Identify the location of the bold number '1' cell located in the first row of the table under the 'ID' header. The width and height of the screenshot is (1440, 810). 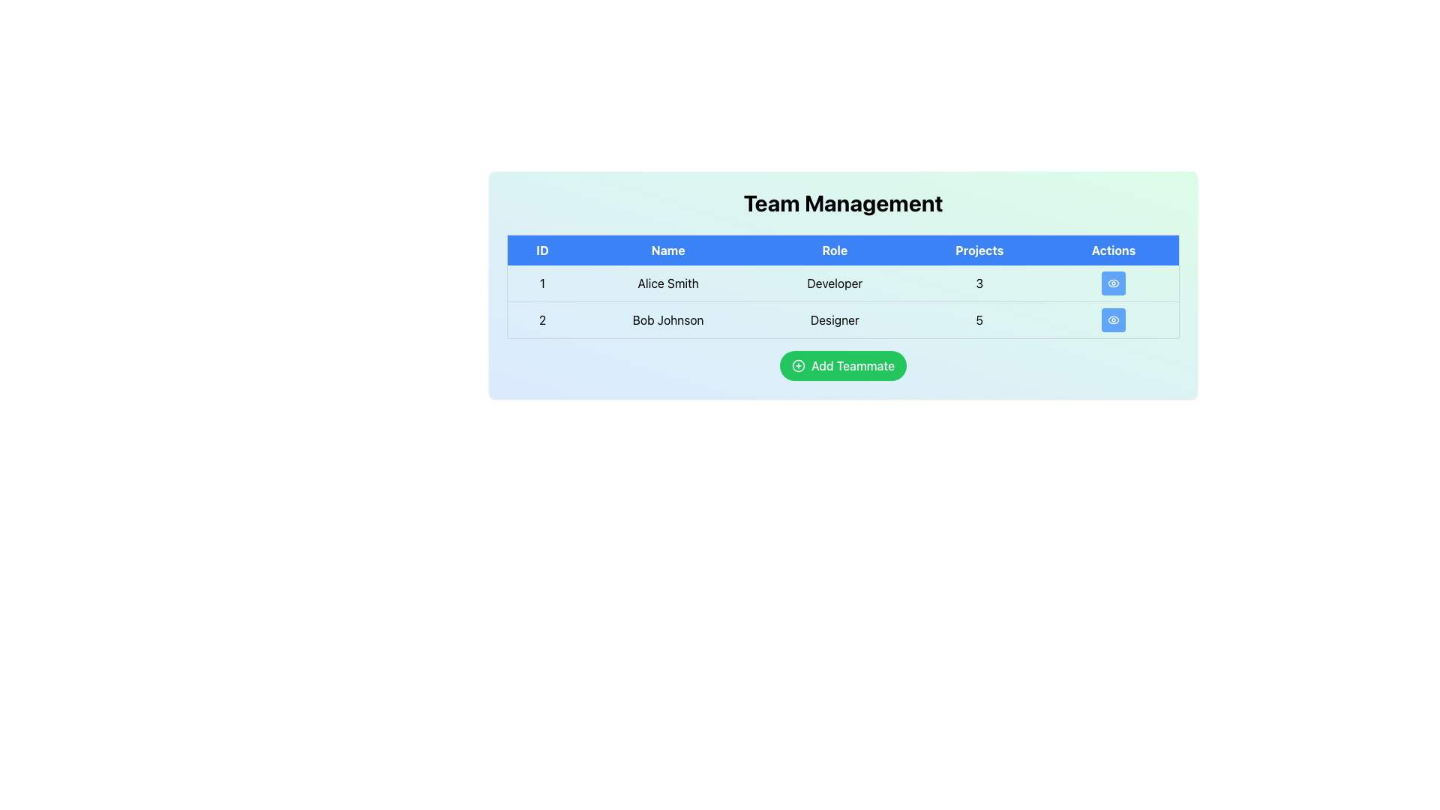
(541, 283).